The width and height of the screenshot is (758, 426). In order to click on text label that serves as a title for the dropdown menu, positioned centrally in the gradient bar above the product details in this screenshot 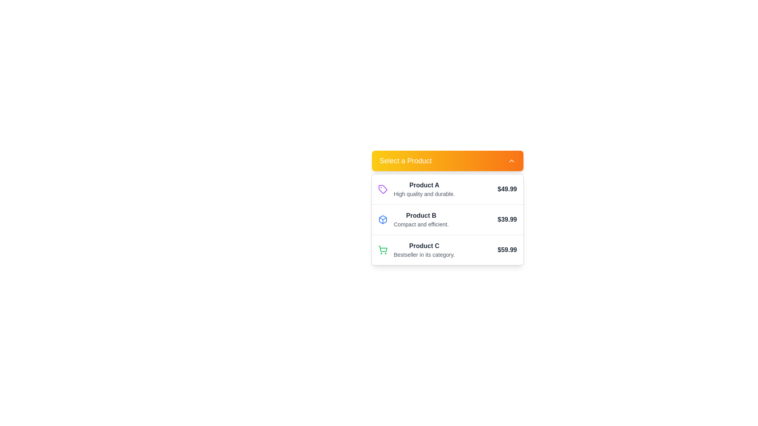, I will do `click(405, 161)`.